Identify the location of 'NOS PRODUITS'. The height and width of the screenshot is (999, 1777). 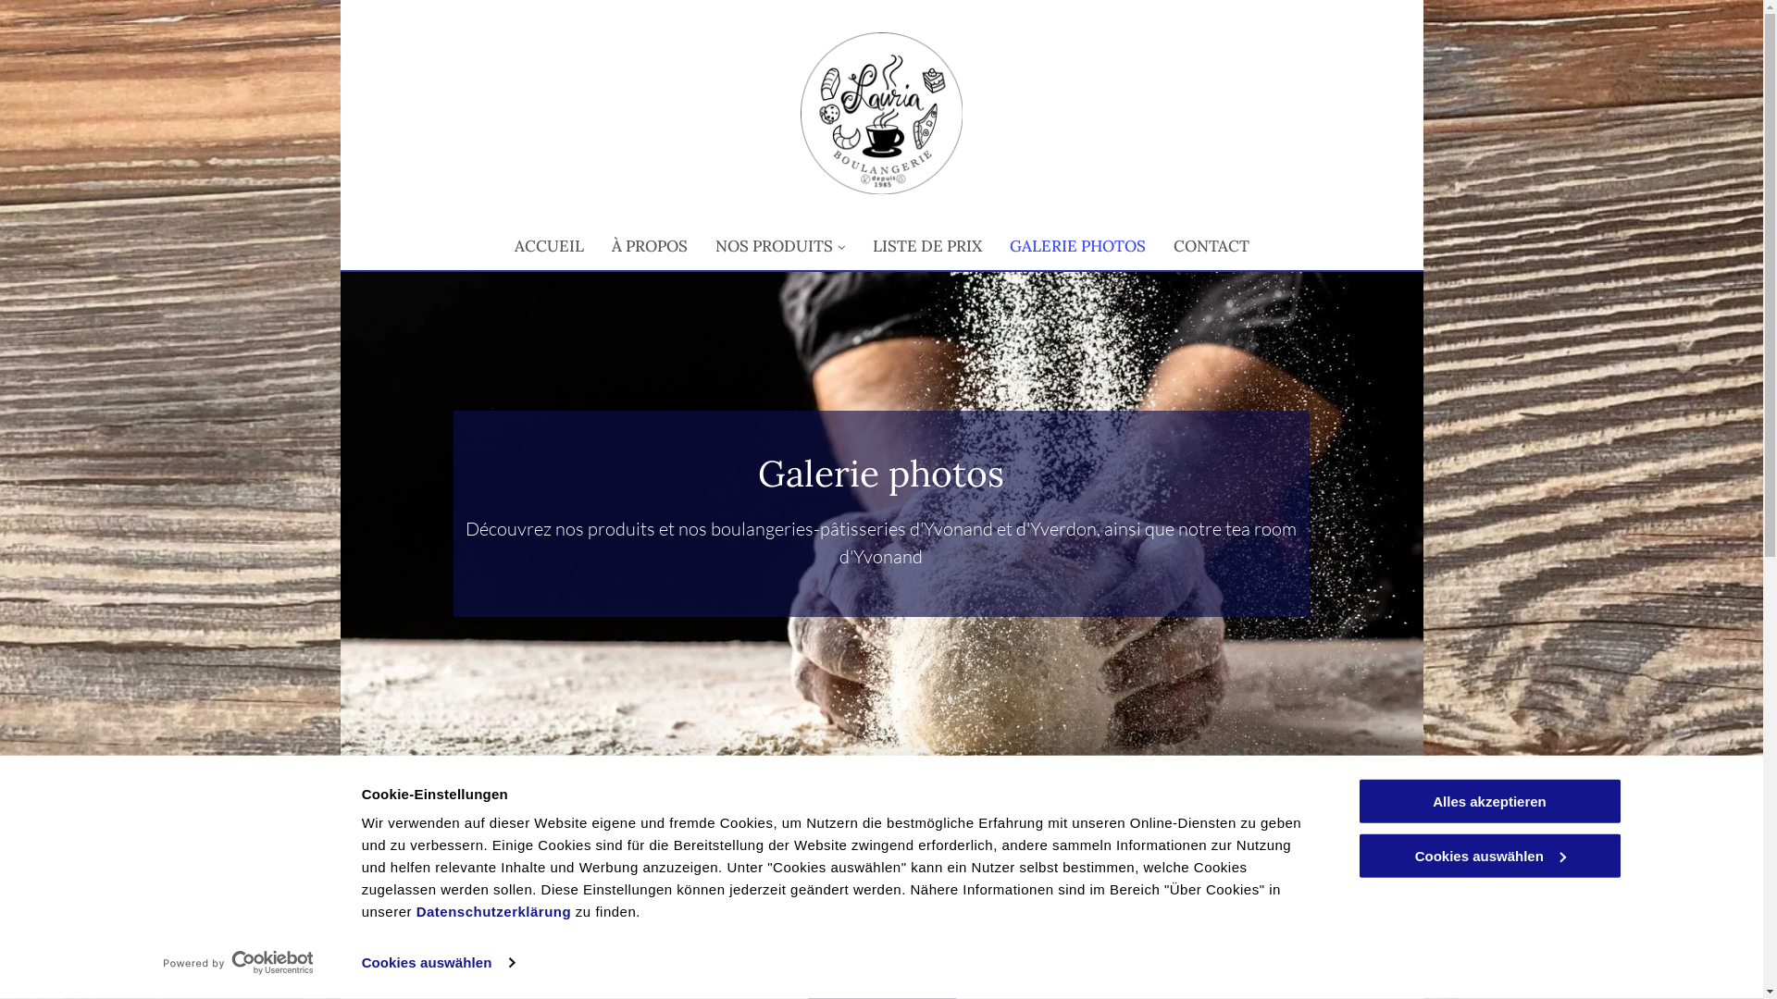
(780, 245).